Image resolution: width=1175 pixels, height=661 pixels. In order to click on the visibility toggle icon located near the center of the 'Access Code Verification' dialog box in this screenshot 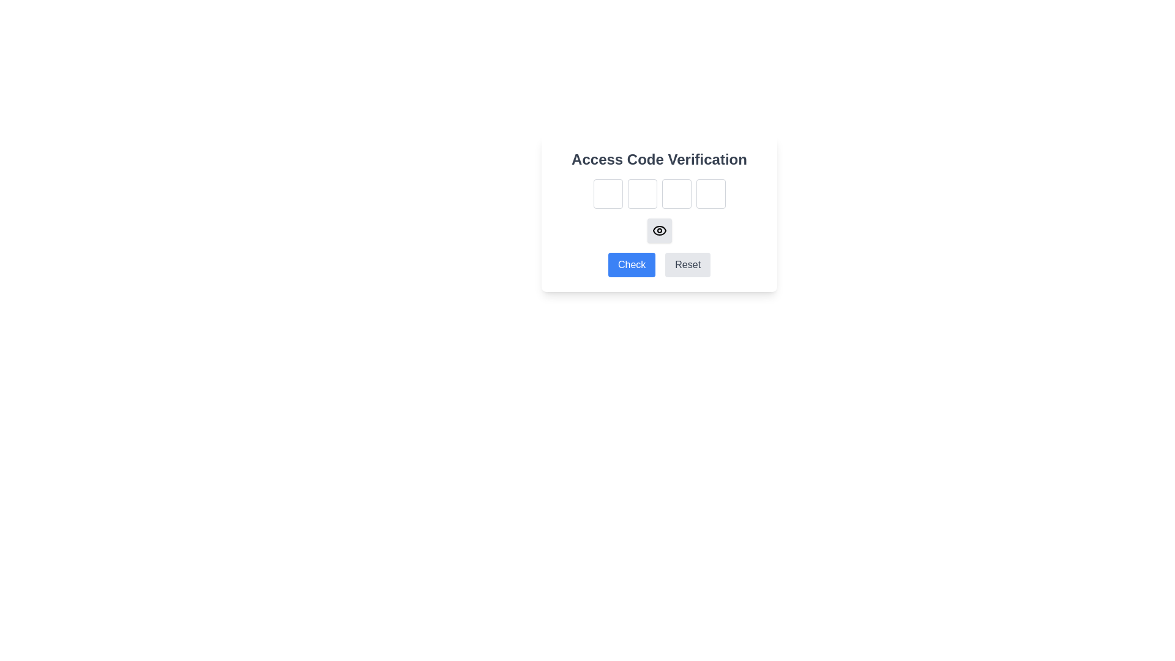, I will do `click(658, 231)`.